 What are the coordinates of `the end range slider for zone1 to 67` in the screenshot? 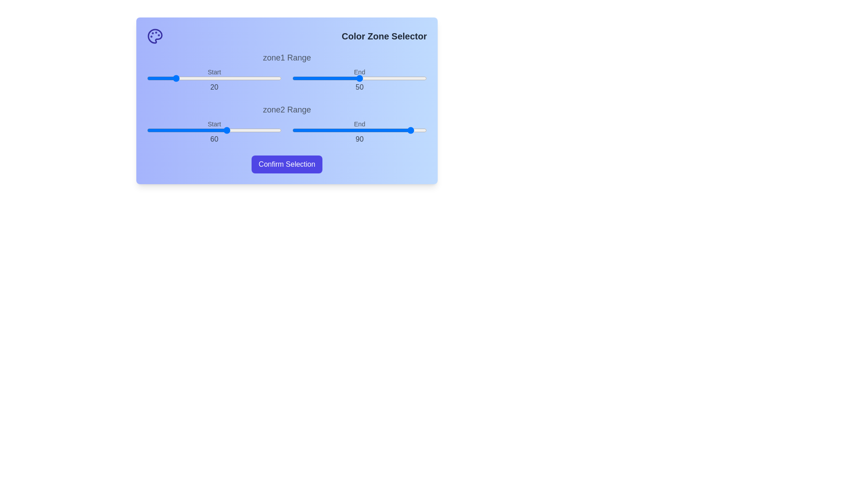 It's located at (383, 78).